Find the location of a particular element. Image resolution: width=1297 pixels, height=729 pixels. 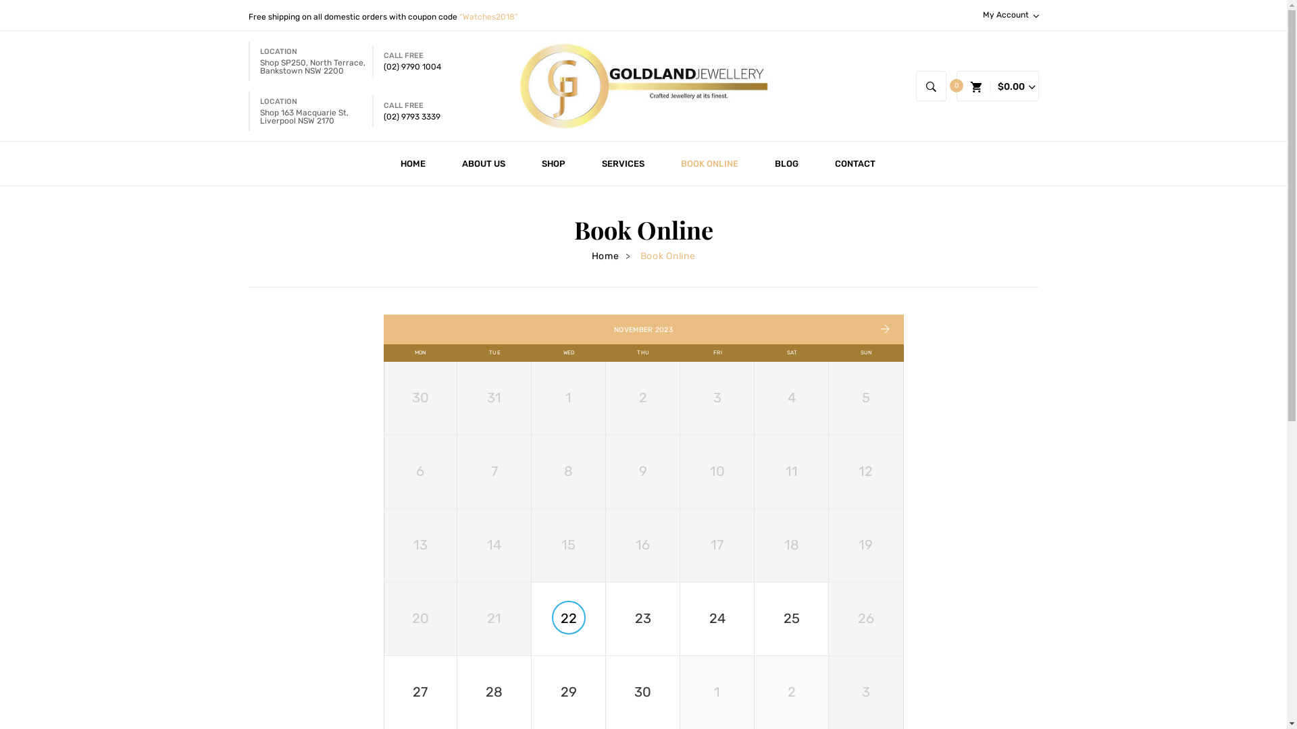

'Home' is located at coordinates (605, 256).